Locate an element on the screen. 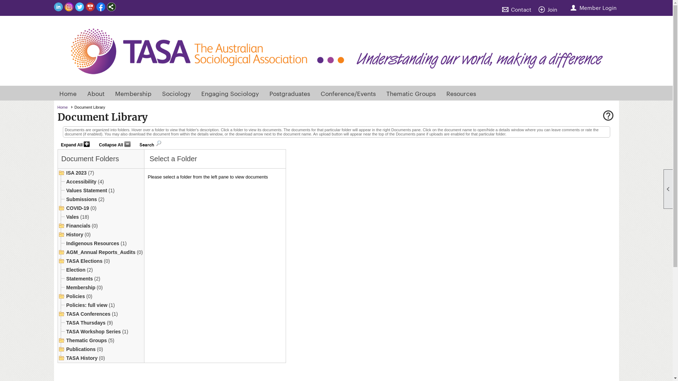  'help_outline' is located at coordinates (607, 116).